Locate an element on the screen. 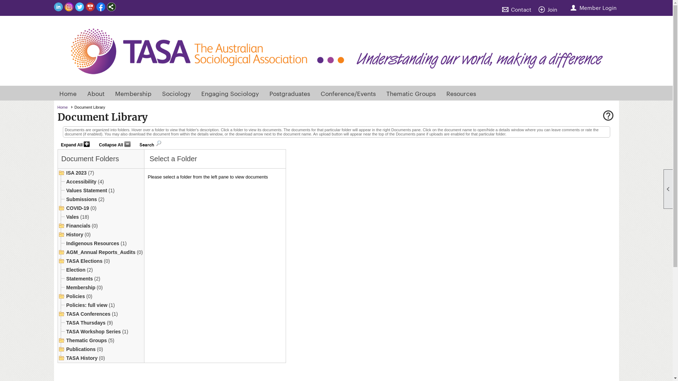  'help_outline' is located at coordinates (607, 116).